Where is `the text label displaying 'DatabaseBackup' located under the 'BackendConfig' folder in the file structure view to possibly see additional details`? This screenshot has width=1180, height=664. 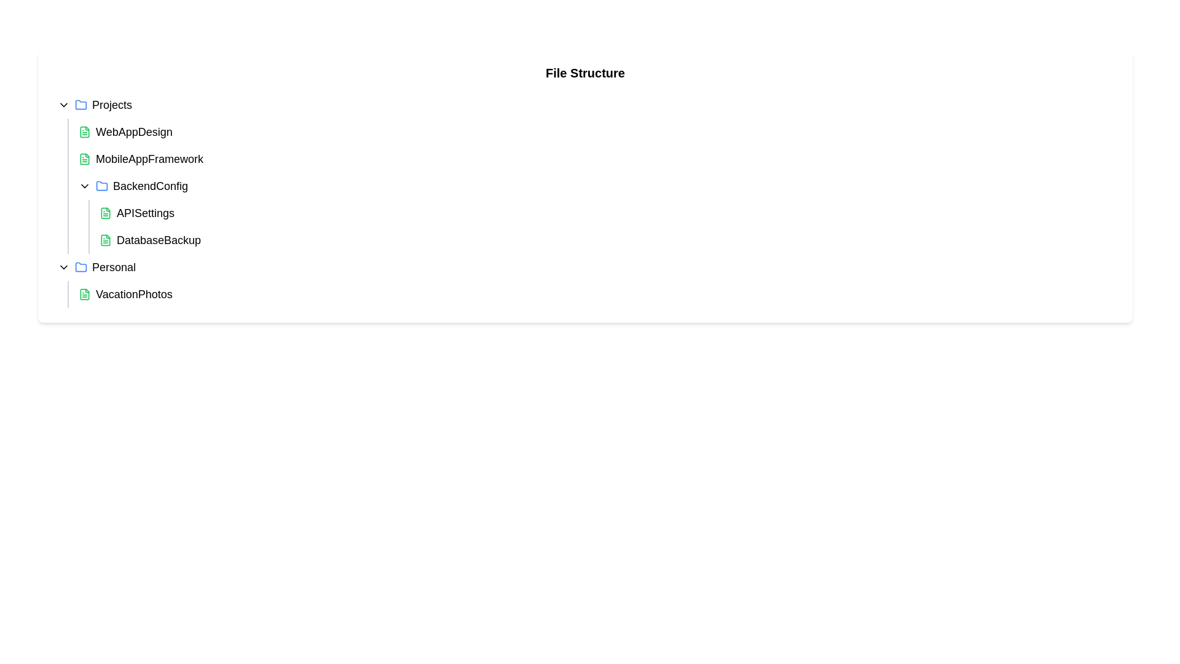
the text label displaying 'DatabaseBackup' located under the 'BackendConfig' folder in the file structure view to possibly see additional details is located at coordinates (158, 240).